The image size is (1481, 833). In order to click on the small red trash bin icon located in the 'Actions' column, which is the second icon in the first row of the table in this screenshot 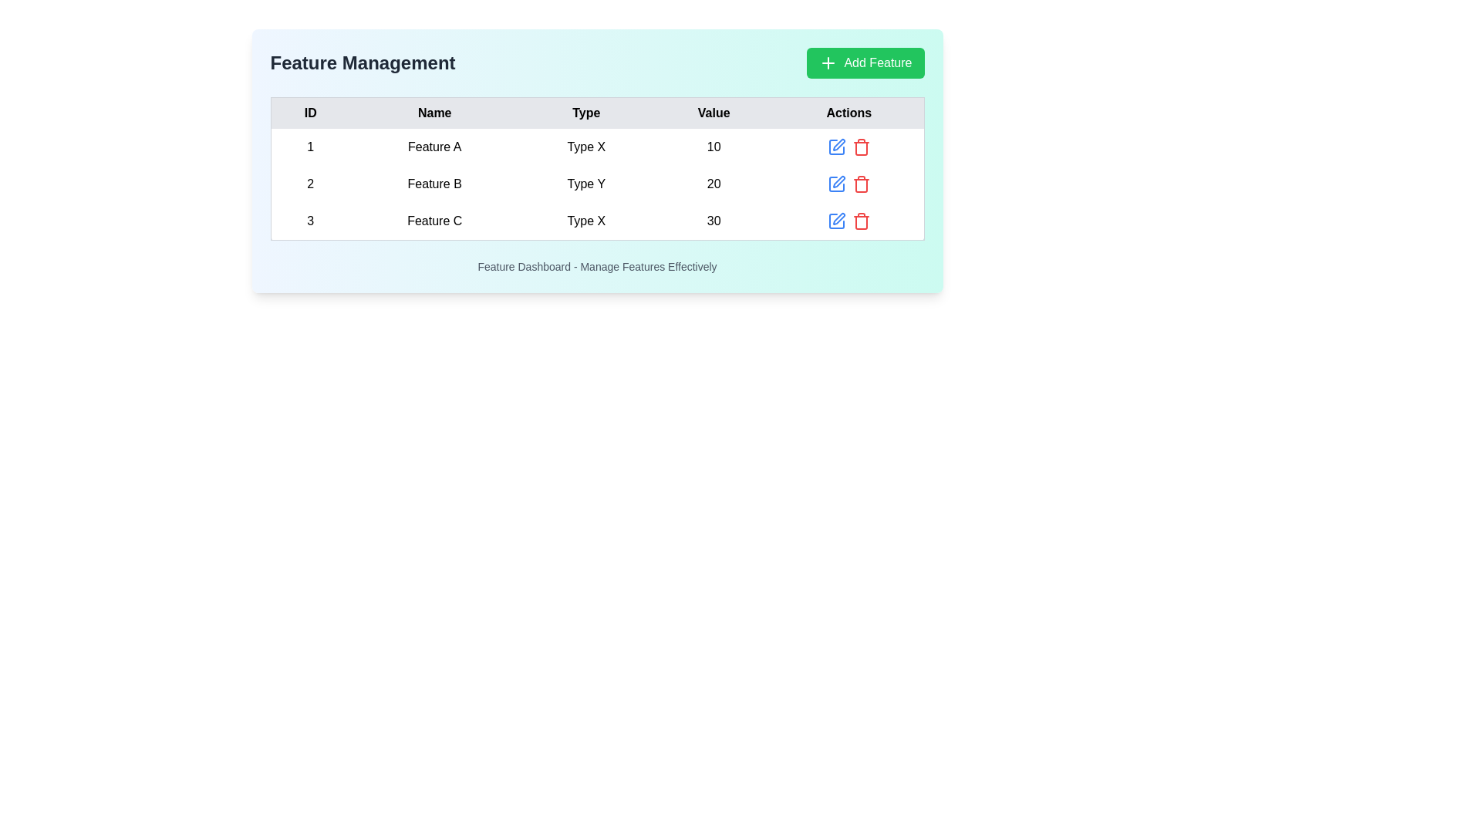, I will do `click(860, 147)`.